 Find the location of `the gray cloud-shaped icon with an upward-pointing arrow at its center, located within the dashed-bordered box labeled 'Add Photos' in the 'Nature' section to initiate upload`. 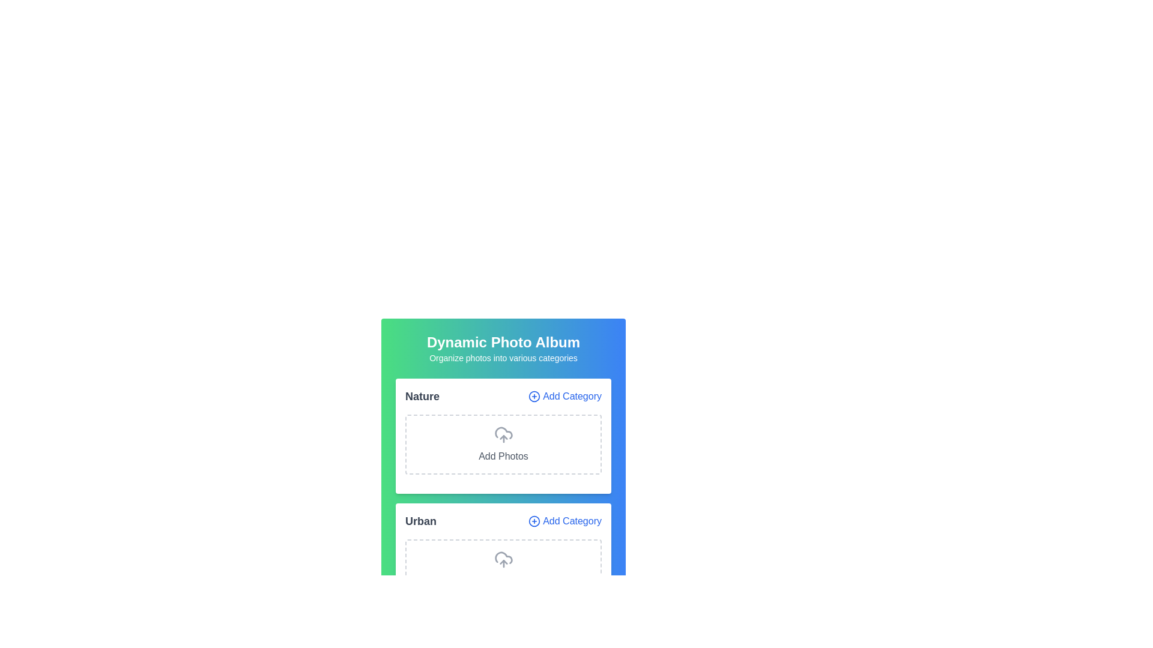

the gray cloud-shaped icon with an upward-pointing arrow at its center, located within the dashed-bordered box labeled 'Add Photos' in the 'Nature' section to initiate upload is located at coordinates (503, 435).